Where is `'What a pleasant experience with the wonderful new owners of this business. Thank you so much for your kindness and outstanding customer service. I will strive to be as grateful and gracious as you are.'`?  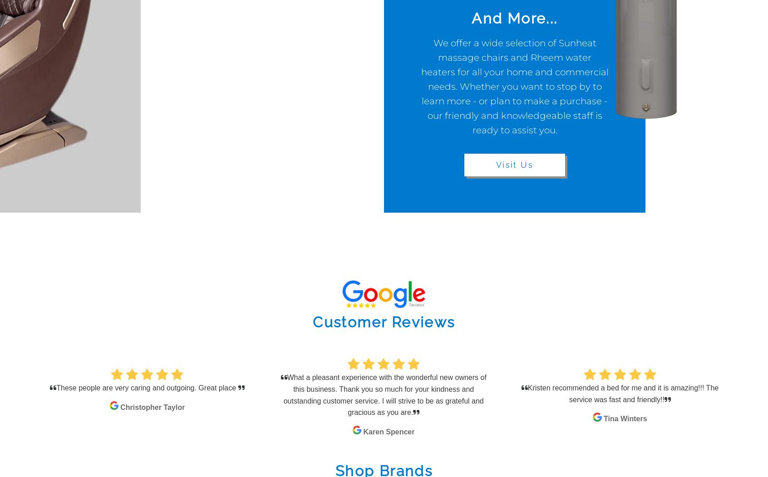
'What a pleasant experience with the wonderful new owners of this business. Thank you so much for your kindness and outstanding customer service. I will strive to be as grateful and gracious as you are.' is located at coordinates (384, 394).